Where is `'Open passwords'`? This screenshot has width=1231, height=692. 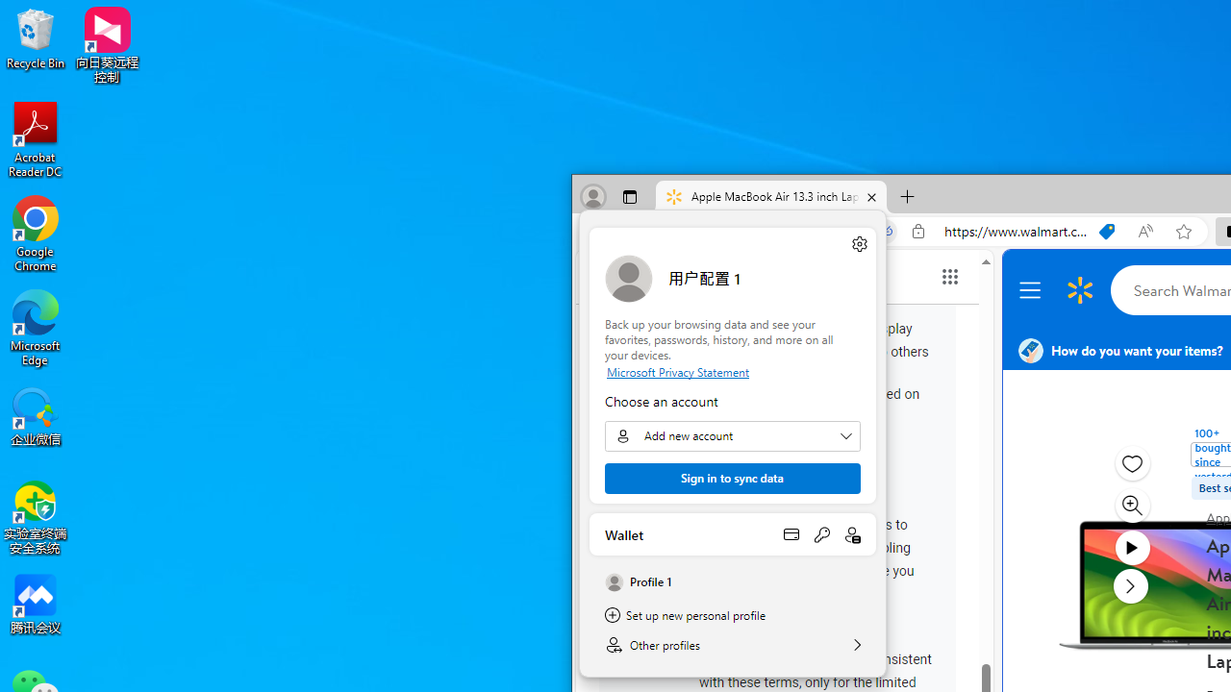 'Open passwords' is located at coordinates (821, 533).